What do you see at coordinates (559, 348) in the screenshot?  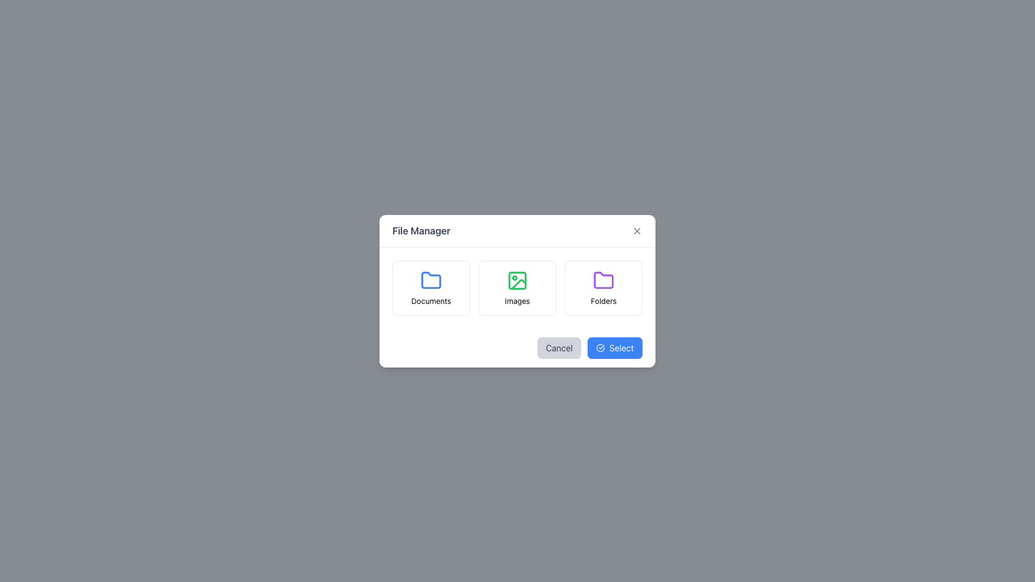 I see `the 'Cancel' button with a gray background and rounded corners, located in the lower right section of the modal window` at bounding box center [559, 348].